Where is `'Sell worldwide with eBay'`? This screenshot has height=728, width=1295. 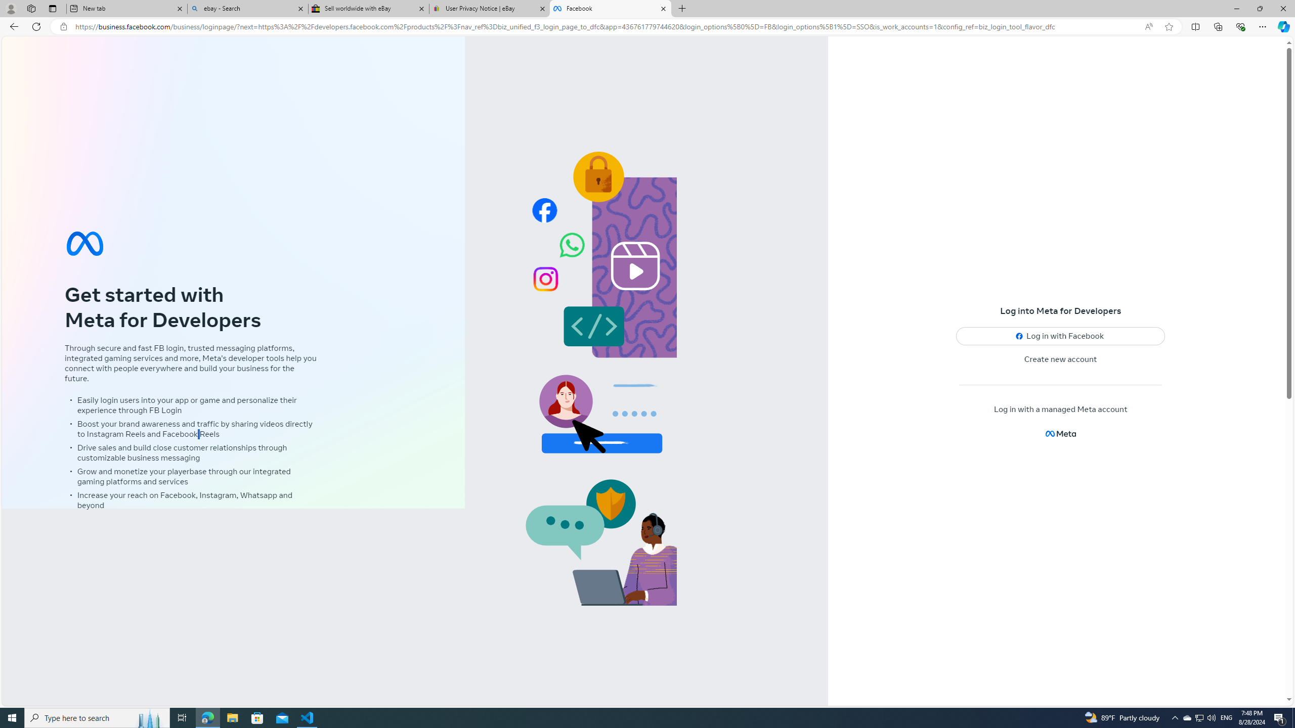 'Sell worldwide with eBay' is located at coordinates (369, 8).